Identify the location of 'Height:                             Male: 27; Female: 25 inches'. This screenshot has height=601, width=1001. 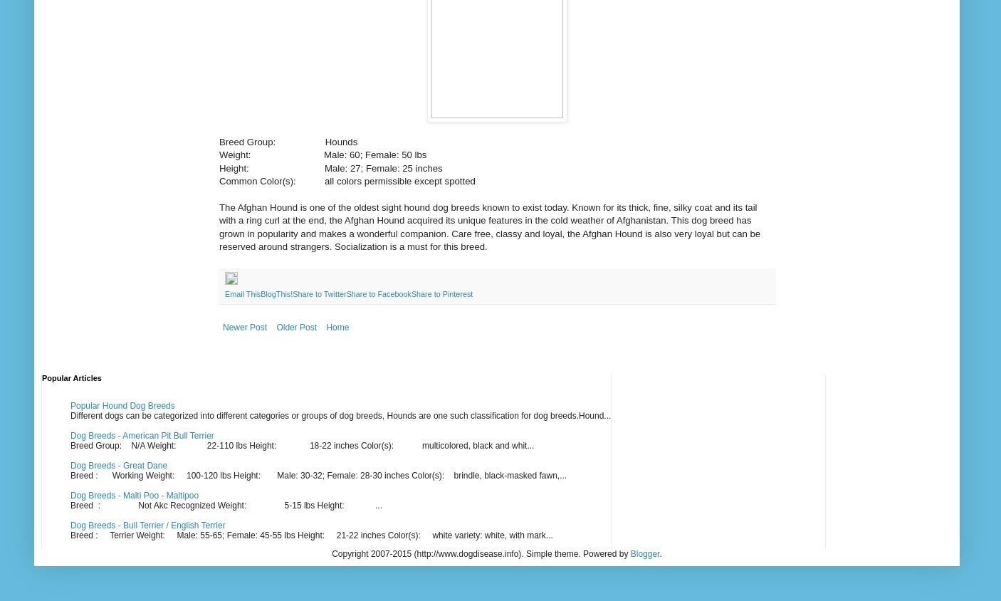
(219, 167).